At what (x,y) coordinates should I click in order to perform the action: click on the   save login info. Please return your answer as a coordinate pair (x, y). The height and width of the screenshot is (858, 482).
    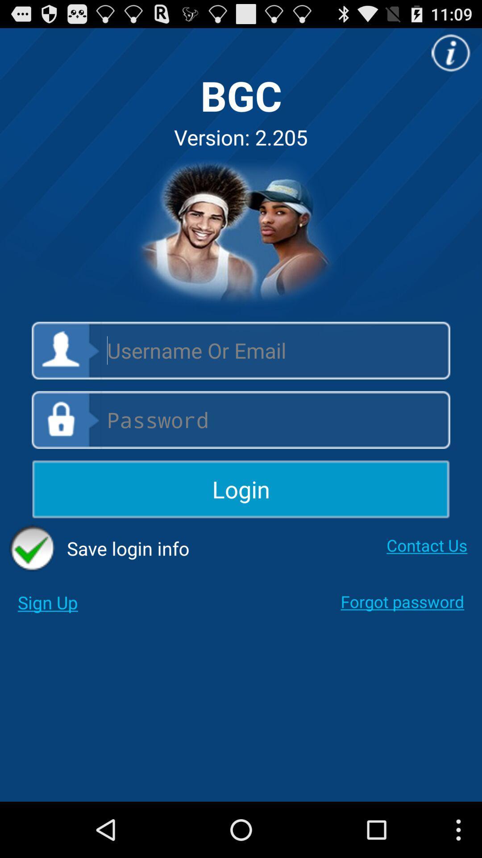
    Looking at the image, I should click on (99, 548).